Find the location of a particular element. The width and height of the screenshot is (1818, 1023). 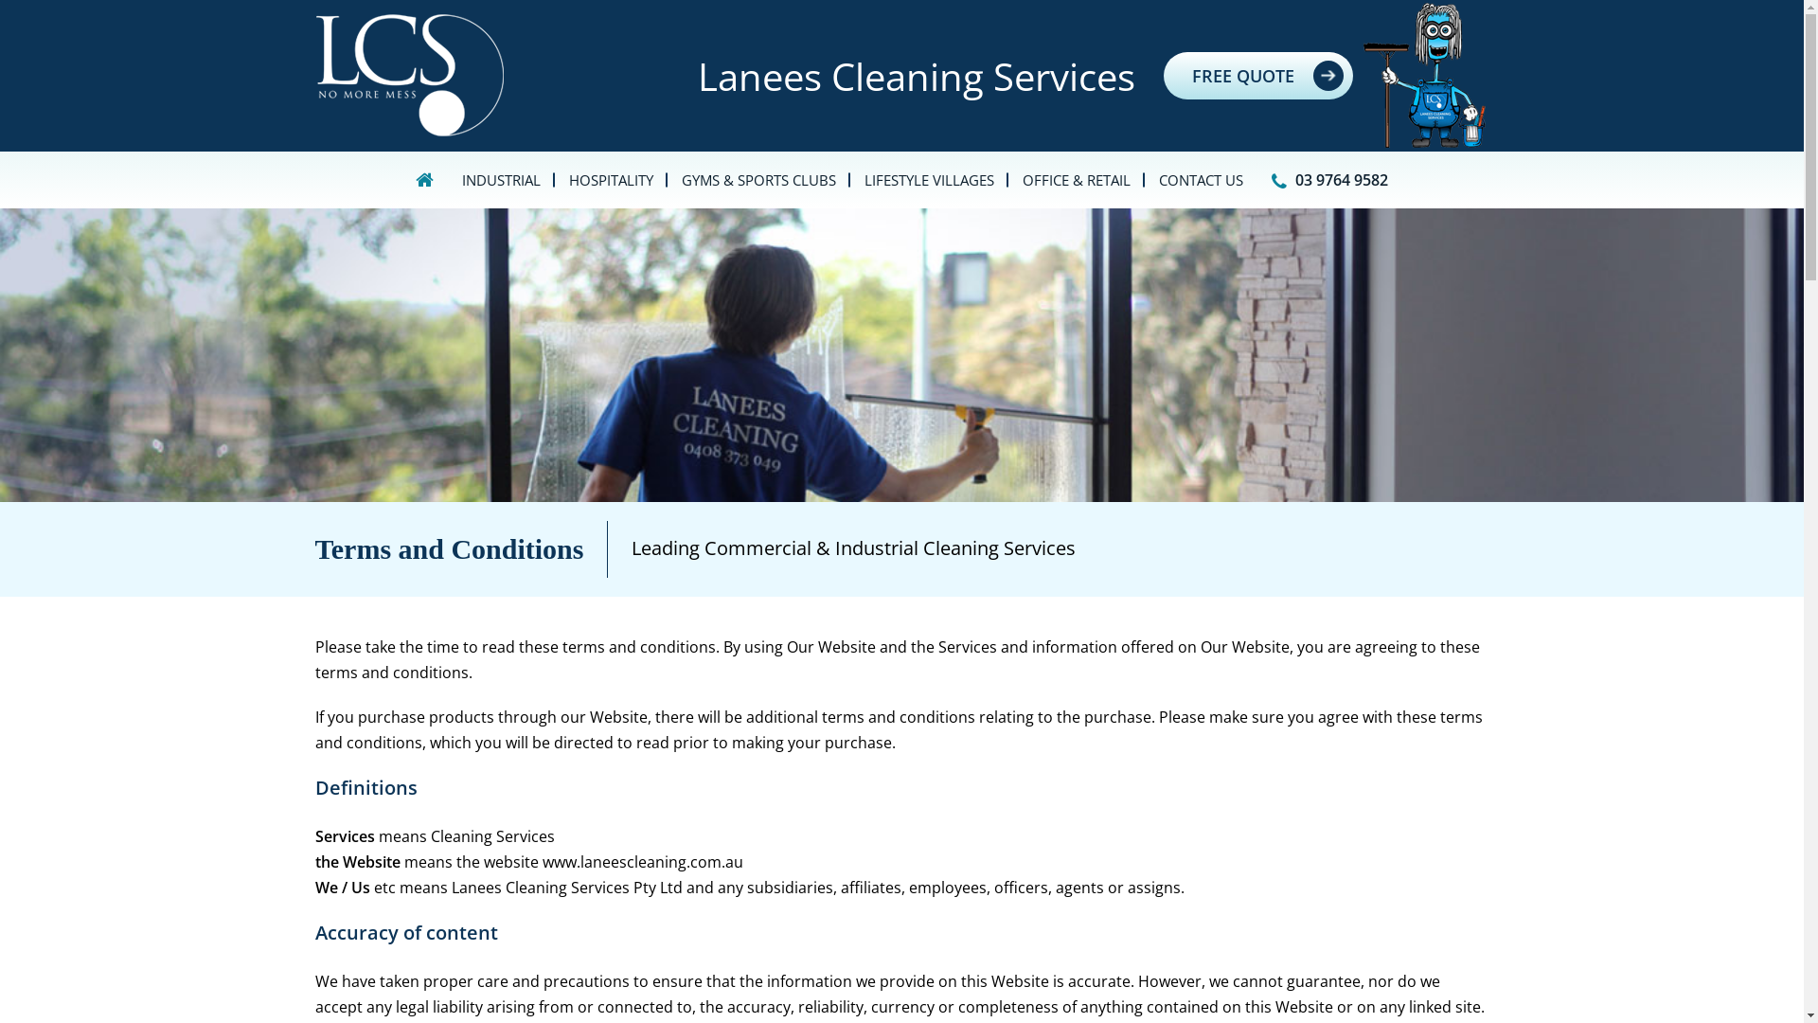

'GYMS & SPORTS CLUBS' is located at coordinates (758, 179).